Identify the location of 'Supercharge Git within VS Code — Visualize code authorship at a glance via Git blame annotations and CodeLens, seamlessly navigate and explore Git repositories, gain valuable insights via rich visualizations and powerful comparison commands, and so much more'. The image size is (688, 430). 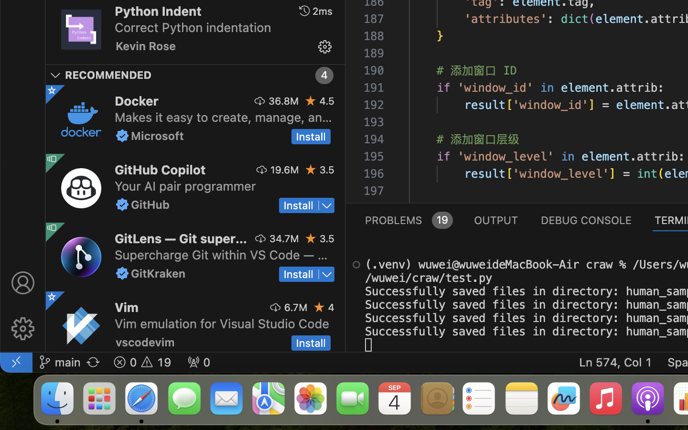
(221, 254).